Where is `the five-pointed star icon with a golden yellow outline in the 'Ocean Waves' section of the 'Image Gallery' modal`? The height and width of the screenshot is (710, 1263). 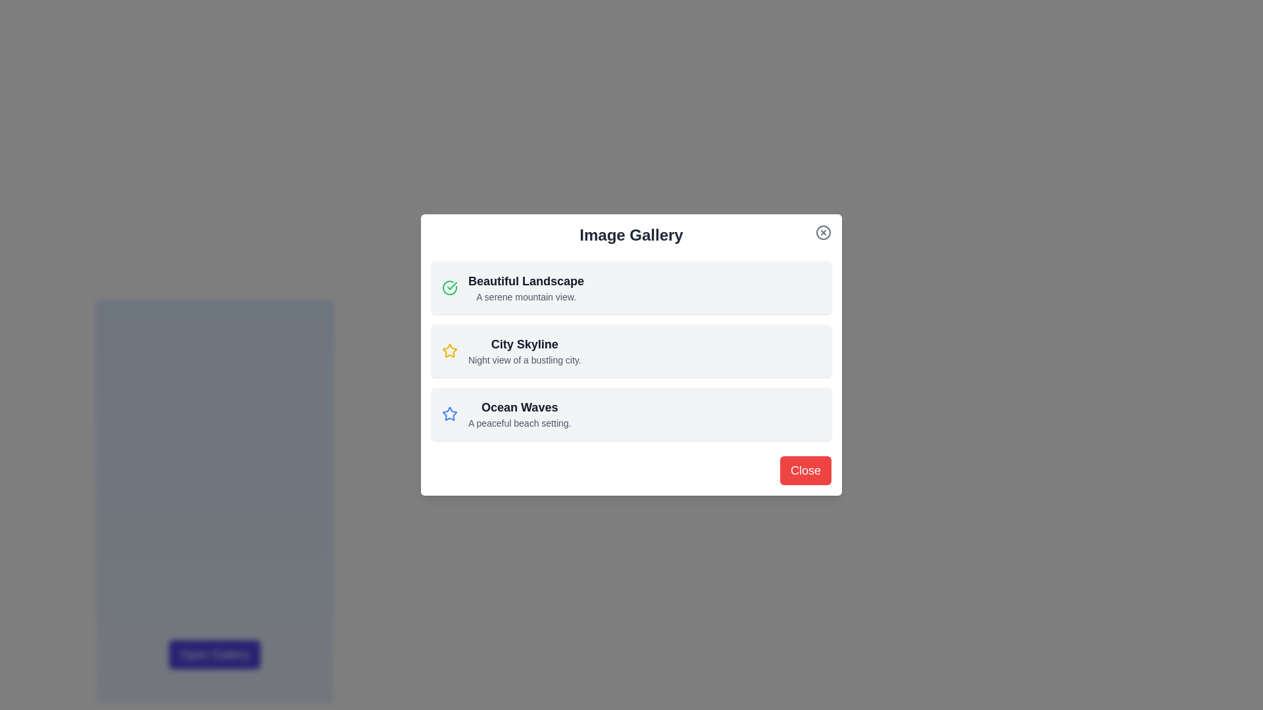
the five-pointed star icon with a golden yellow outline in the 'Ocean Waves' section of the 'Image Gallery' modal is located at coordinates (450, 350).